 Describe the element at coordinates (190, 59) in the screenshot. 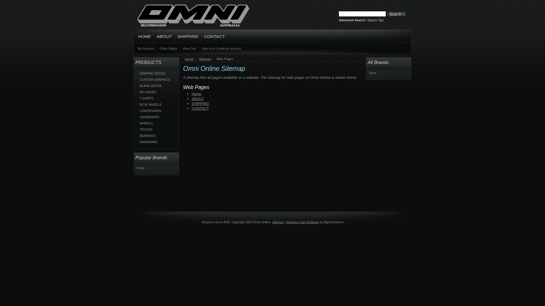

I see `'Home'` at that location.